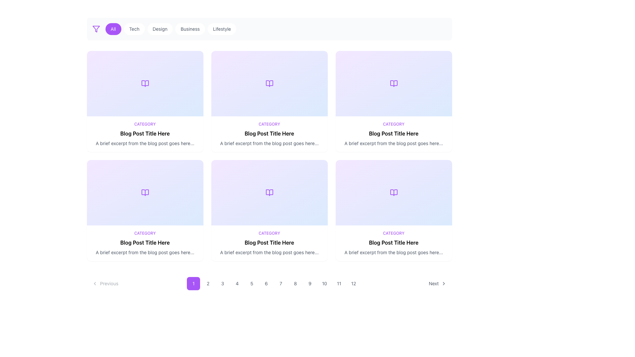 This screenshot has width=635, height=357. I want to click on the purple book icon located in the third card of the first row in the displayed grid of cards, so click(394, 83).